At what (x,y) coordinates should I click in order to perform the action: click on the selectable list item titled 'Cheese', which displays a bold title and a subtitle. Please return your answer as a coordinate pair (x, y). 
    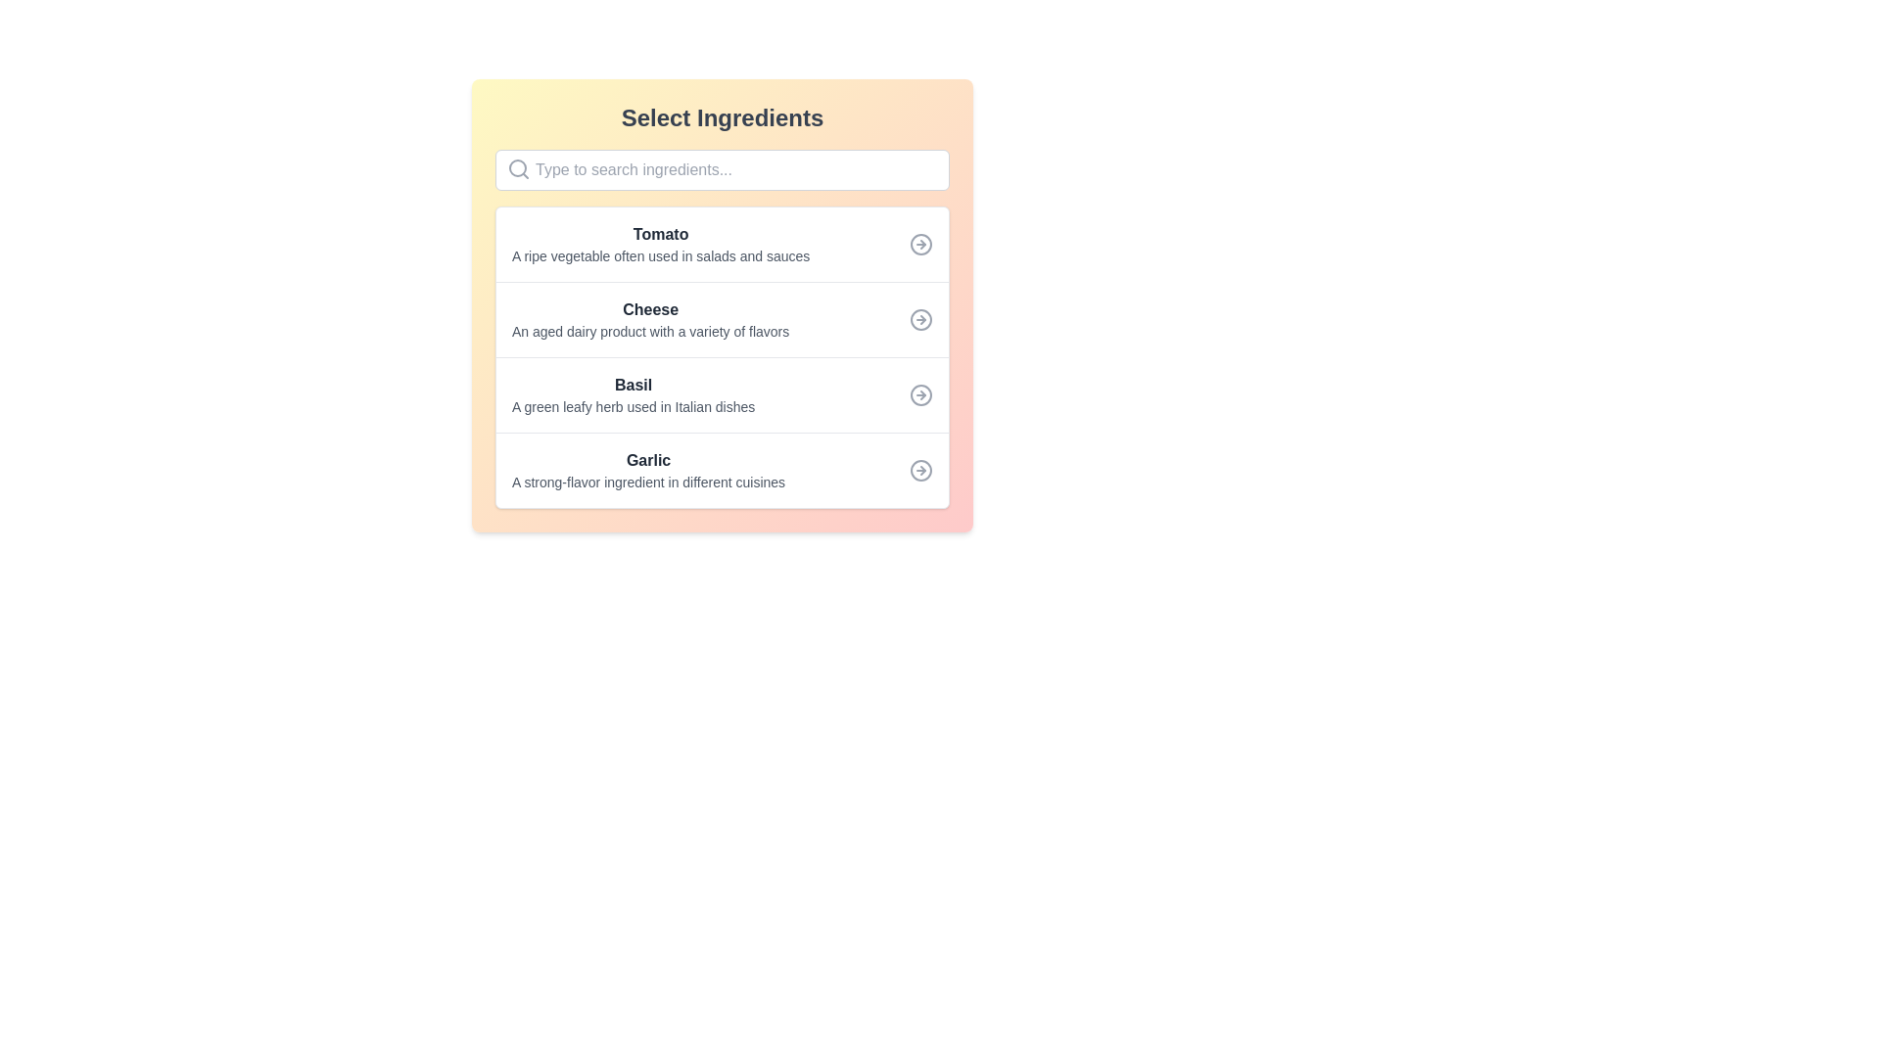
    Looking at the image, I should click on (722, 318).